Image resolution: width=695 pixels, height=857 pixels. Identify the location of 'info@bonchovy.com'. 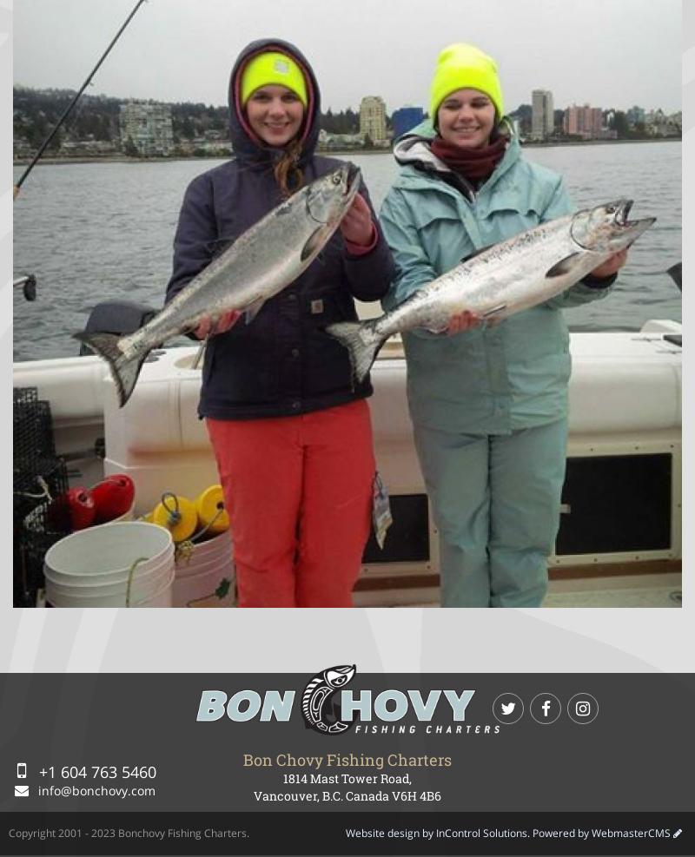
(94, 788).